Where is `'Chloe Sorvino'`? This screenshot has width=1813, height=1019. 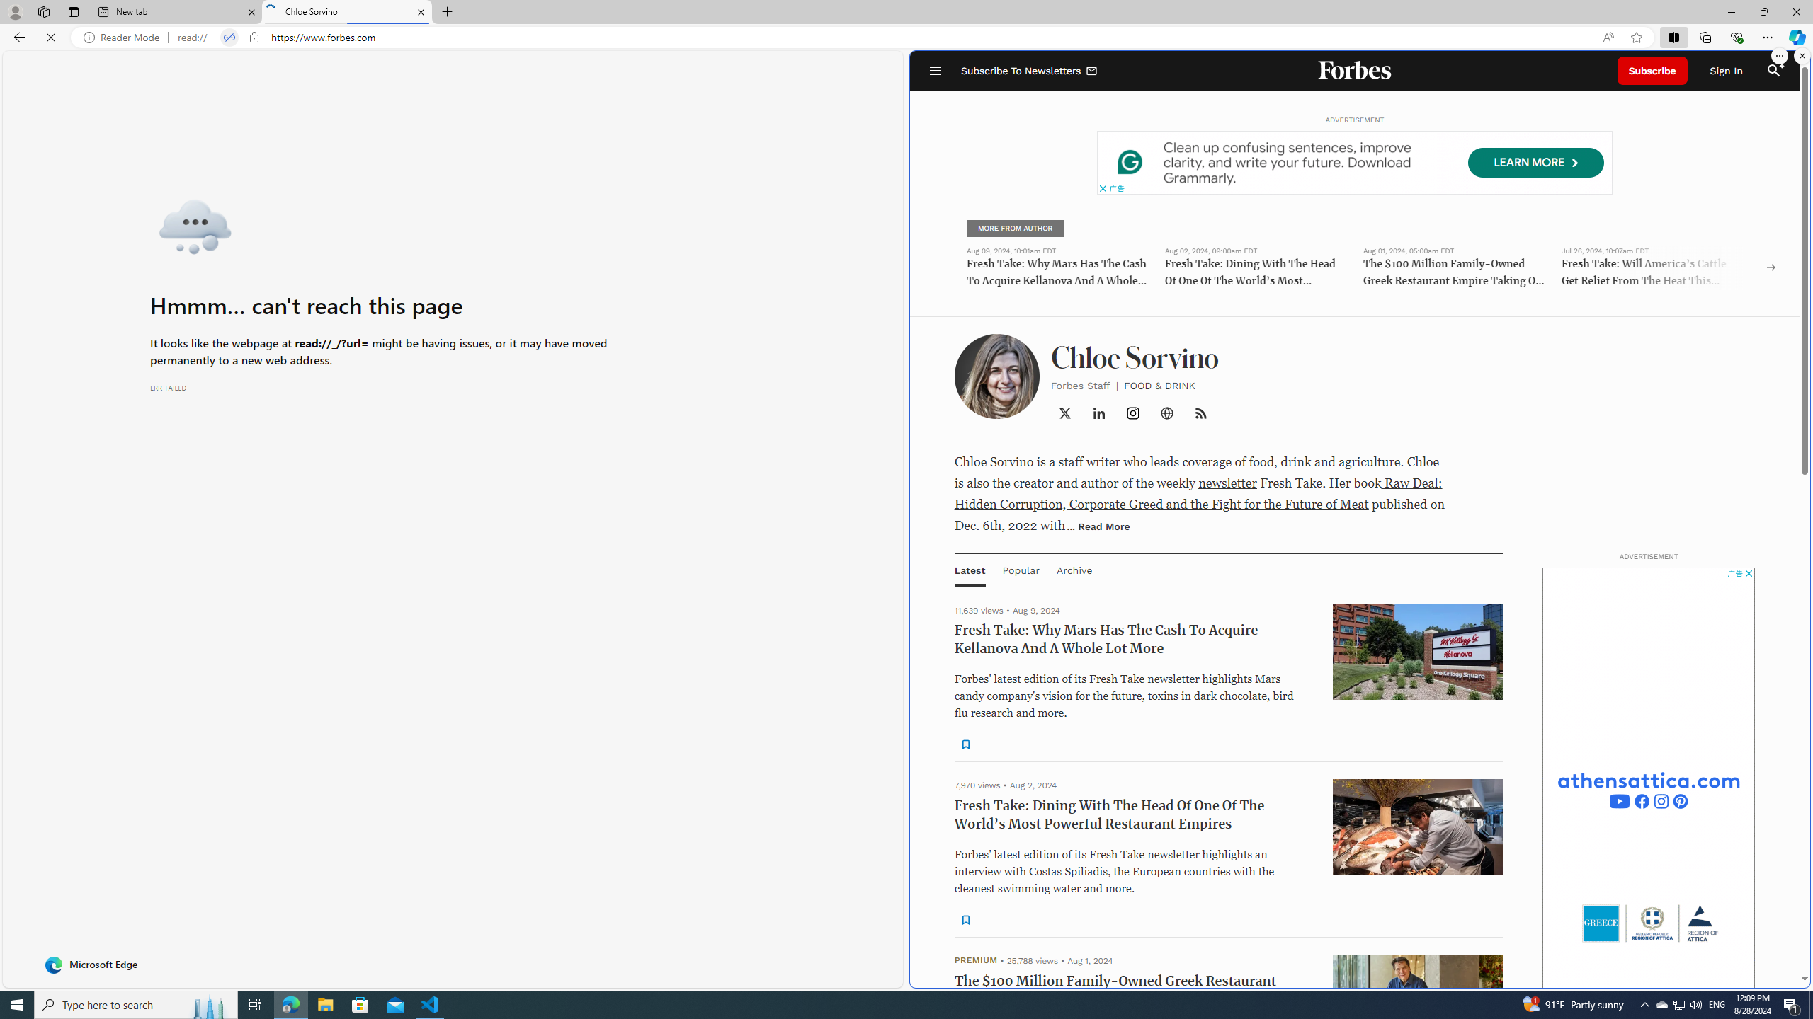
'Chloe Sorvino' is located at coordinates (346, 11).